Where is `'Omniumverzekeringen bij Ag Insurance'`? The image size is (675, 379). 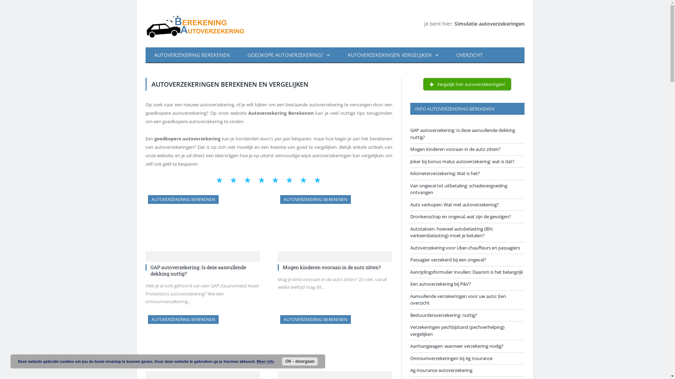
'Omniumverzekeringen bij Ag Insurance' is located at coordinates (451, 358).